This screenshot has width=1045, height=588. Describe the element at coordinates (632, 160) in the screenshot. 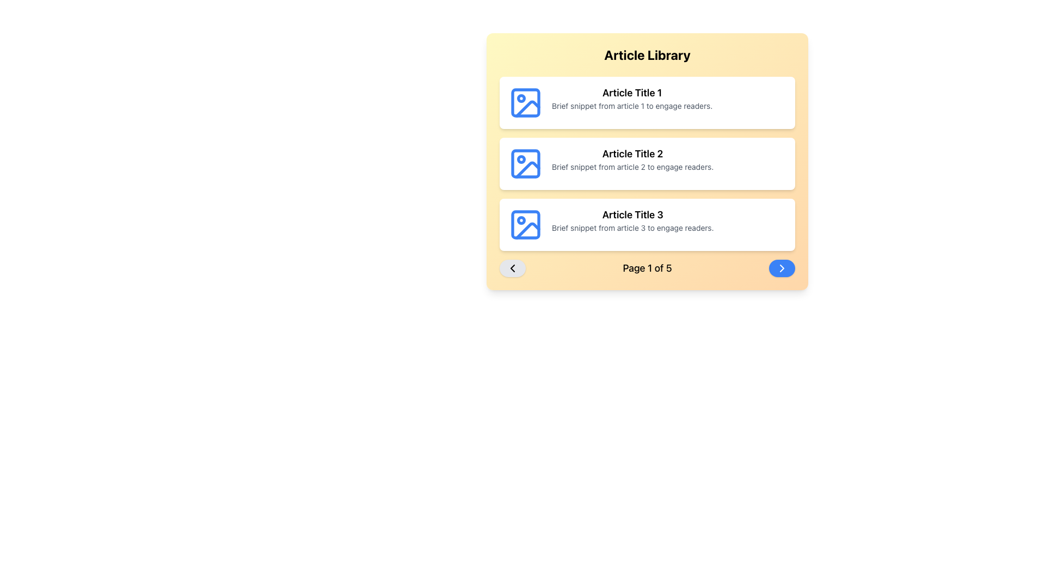

I see `the list item containing the title 'Article Title 2' and its descriptive snippet` at that location.